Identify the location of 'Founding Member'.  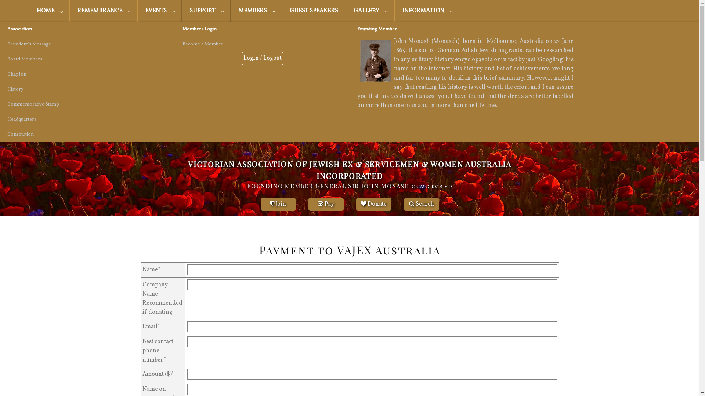
(465, 29).